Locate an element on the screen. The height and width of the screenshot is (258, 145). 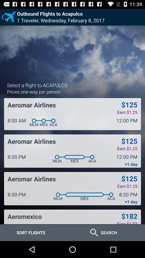
the icon above earn $1.82 is located at coordinates (129, 216).